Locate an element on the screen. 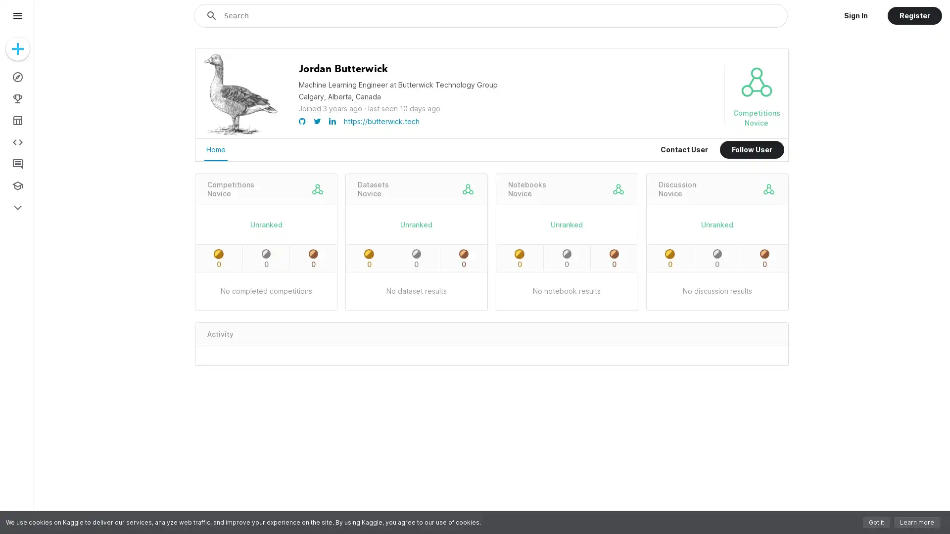  menu is located at coordinates (17, 15).